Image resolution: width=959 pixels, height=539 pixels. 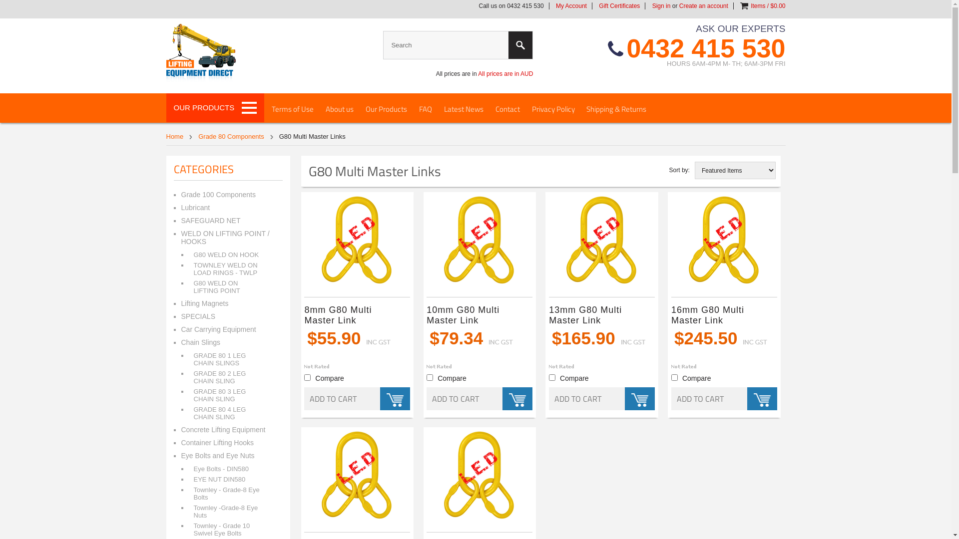 I want to click on 'My Account', so click(x=571, y=5).